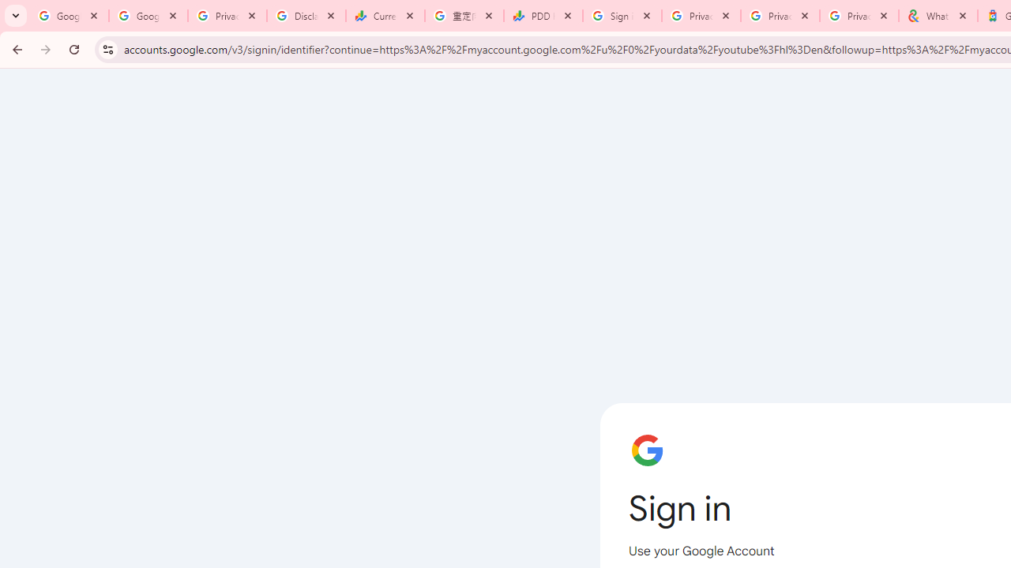 The width and height of the screenshot is (1011, 568). What do you see at coordinates (385, 16) in the screenshot?
I see `'Currencies - Google Finance'` at bounding box center [385, 16].